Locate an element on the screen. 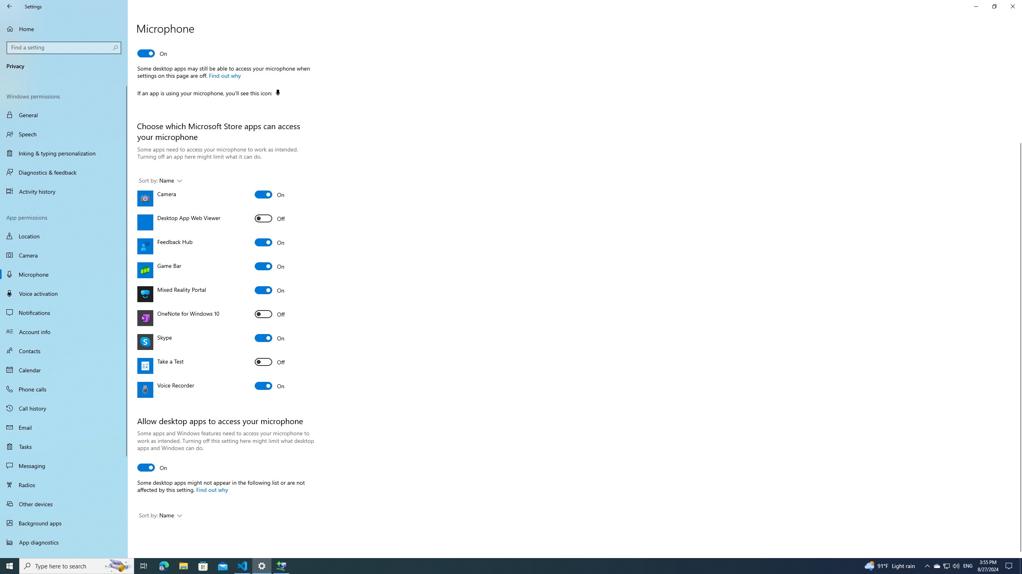  'Background apps' is located at coordinates (63, 522).